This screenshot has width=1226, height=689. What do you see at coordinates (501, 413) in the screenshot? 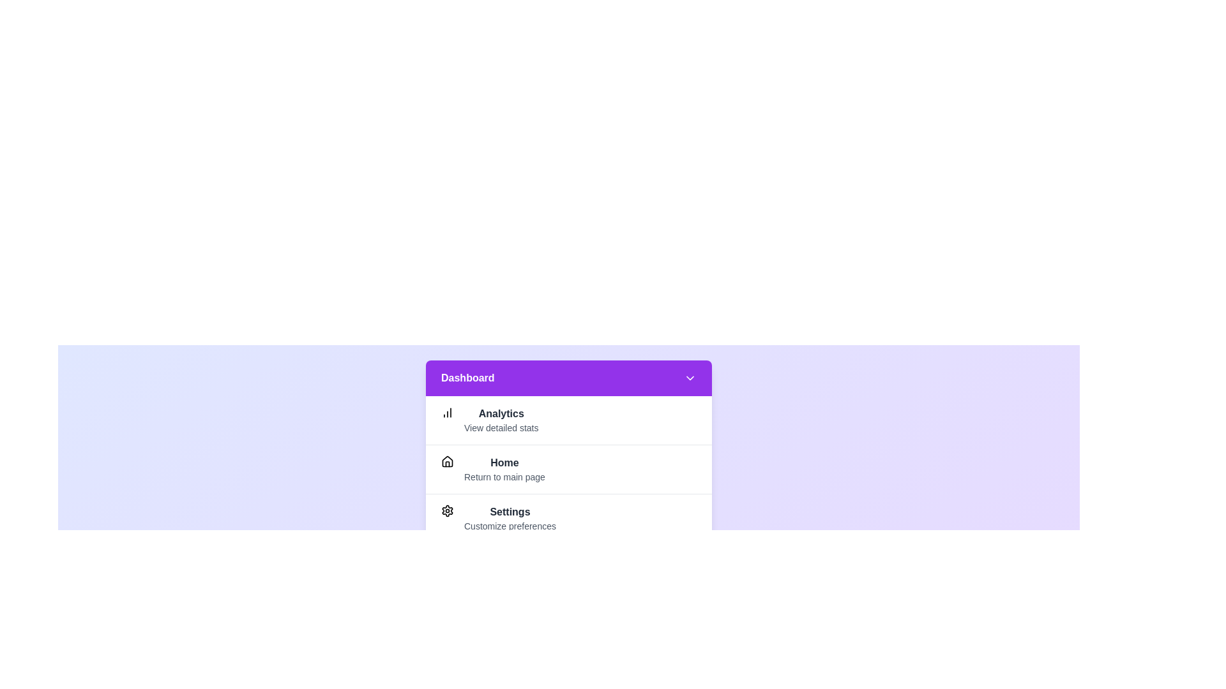
I see `the 'Analytics' menu item` at bounding box center [501, 413].